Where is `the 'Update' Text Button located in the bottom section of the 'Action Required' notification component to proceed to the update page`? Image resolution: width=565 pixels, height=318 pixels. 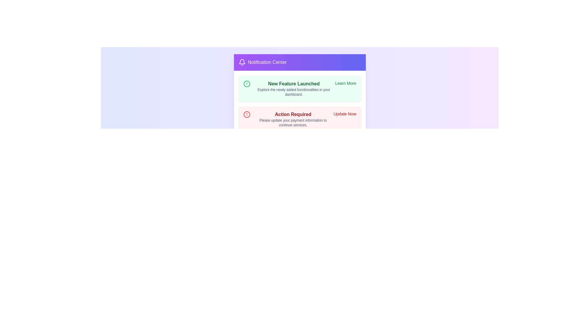 the 'Update' Text Button located in the bottom section of the 'Action Required' notification component to proceed to the update page is located at coordinates (345, 114).